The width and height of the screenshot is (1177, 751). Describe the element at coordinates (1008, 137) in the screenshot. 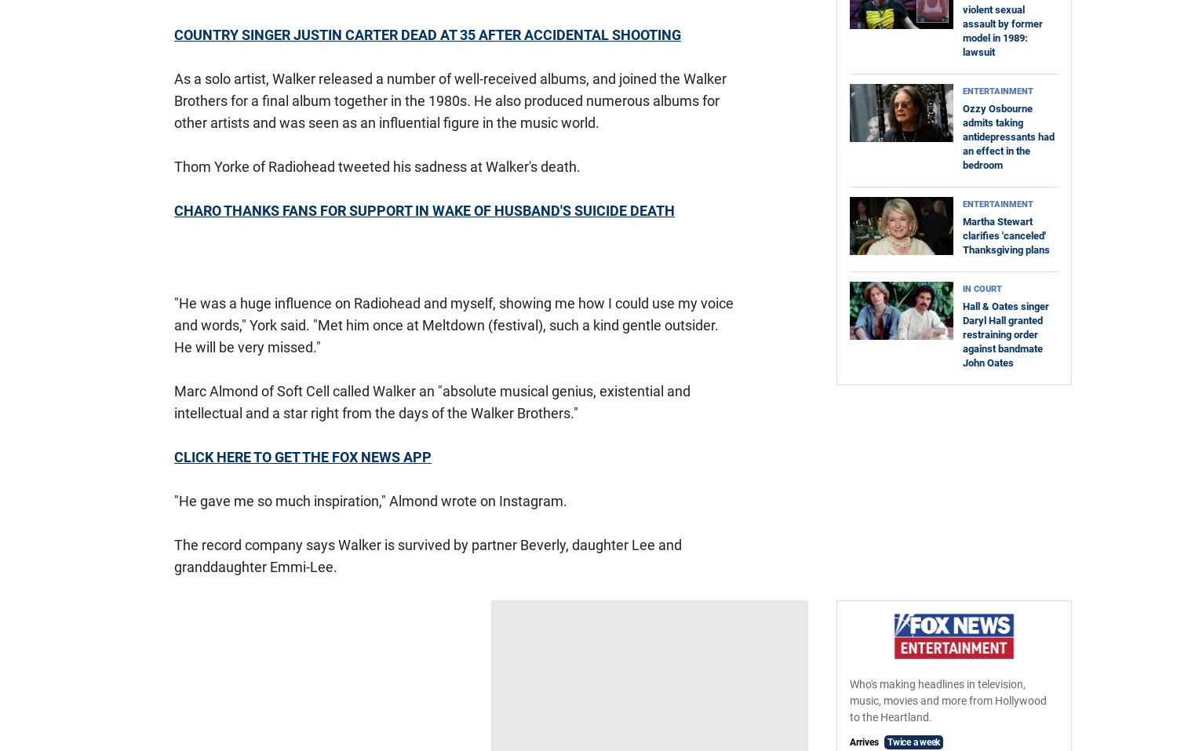

I see `'Ozzy Osbourne admits taking antidepressants had an effect in the bedroom'` at that location.